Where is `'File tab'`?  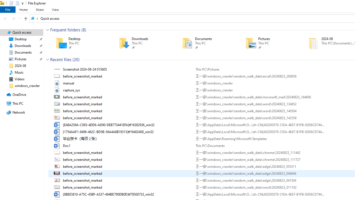
'File tab' is located at coordinates (8, 9).